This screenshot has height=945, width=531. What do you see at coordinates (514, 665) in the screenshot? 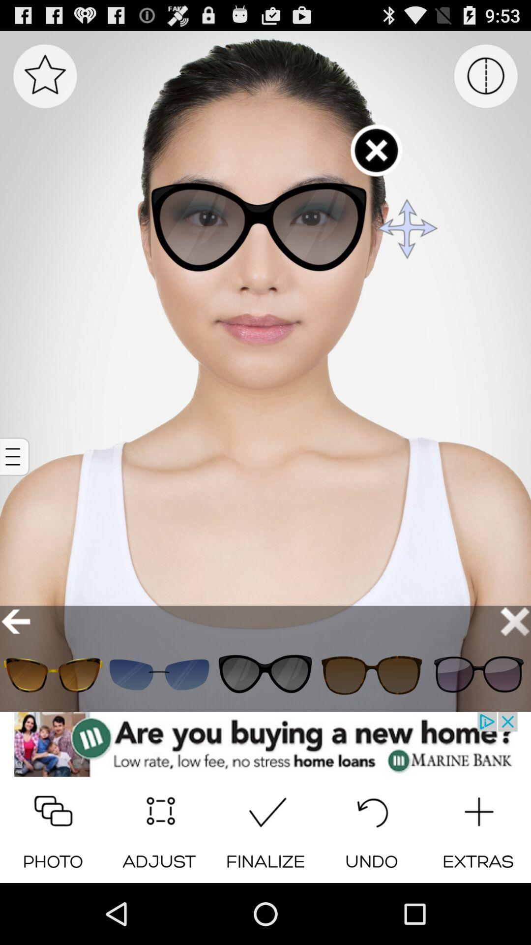
I see `the close icon` at bounding box center [514, 665].